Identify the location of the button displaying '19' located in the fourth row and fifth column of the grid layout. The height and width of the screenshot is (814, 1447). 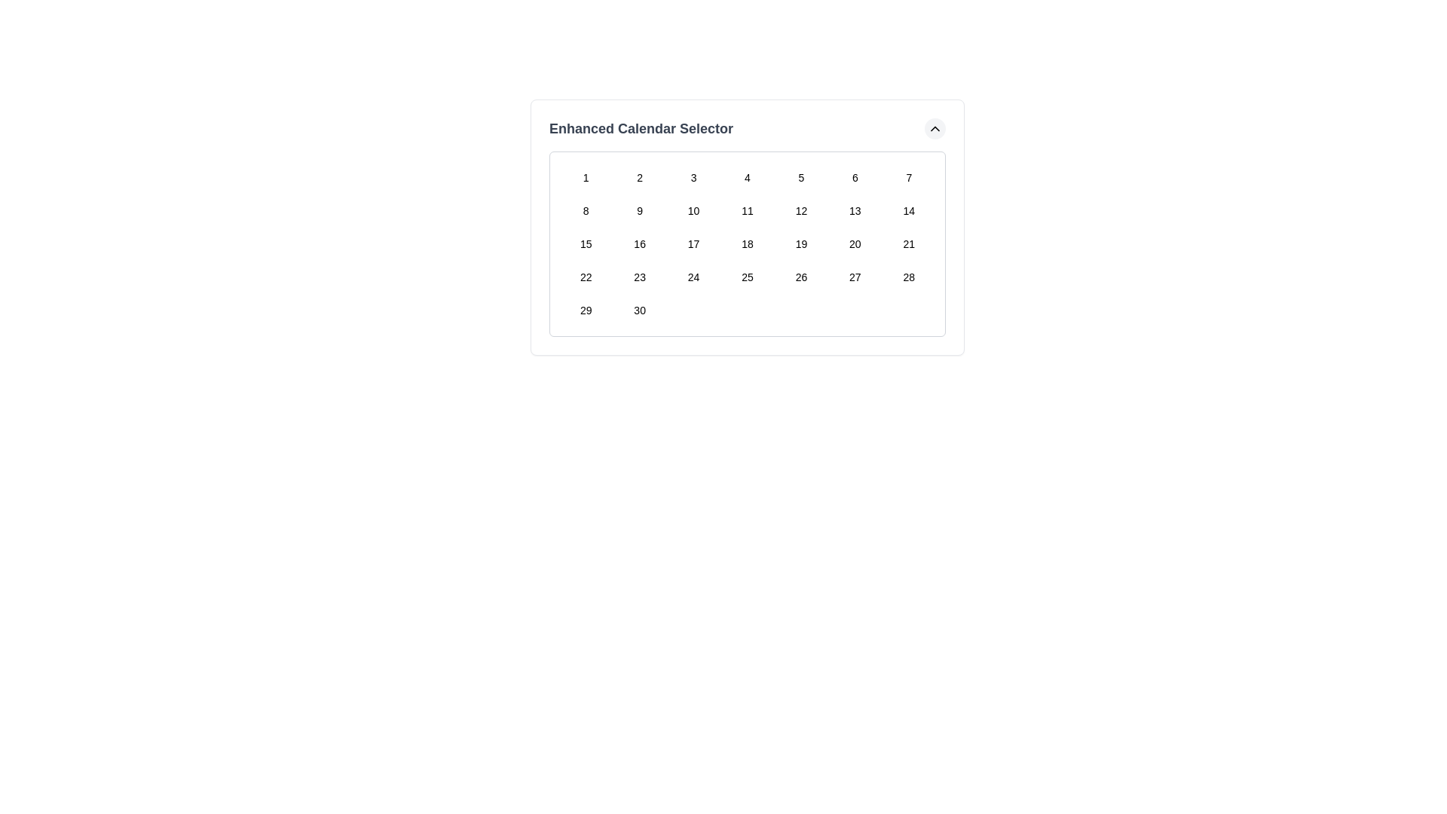
(800, 243).